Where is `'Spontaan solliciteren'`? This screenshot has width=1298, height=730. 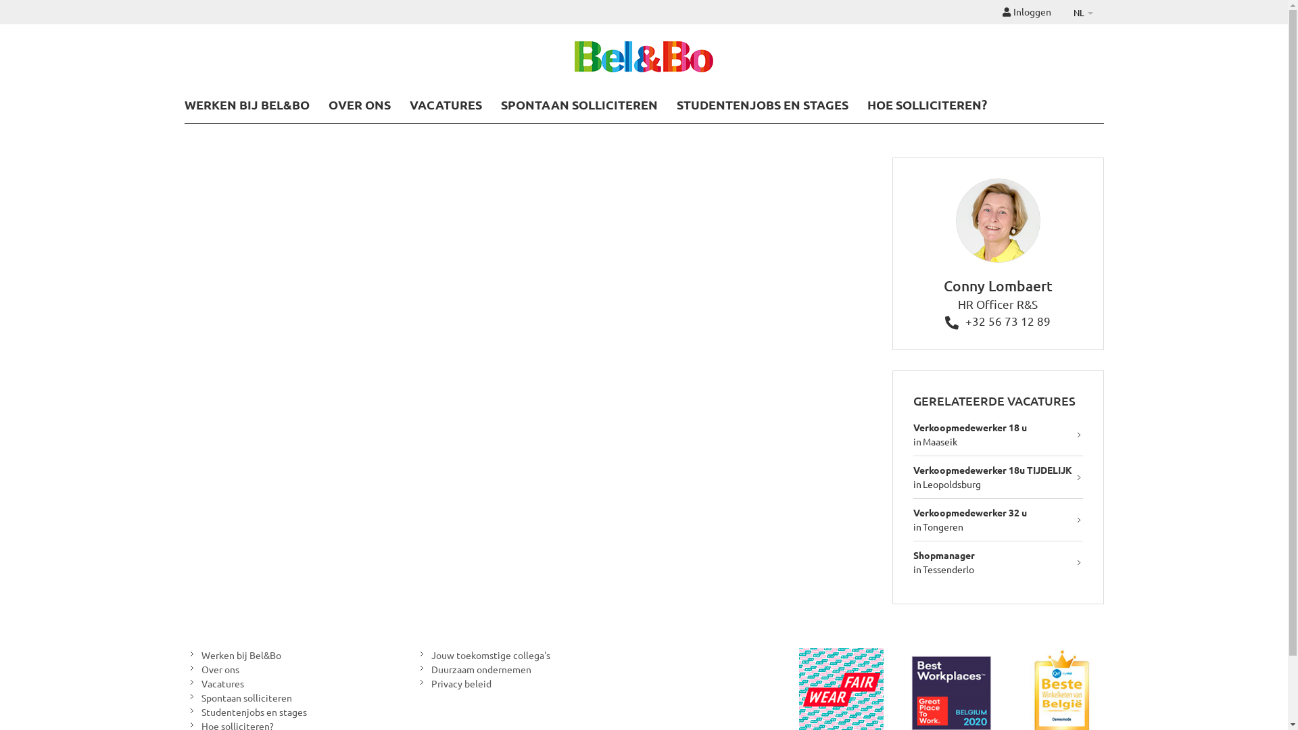
'Spontaan solliciteren' is located at coordinates (183, 698).